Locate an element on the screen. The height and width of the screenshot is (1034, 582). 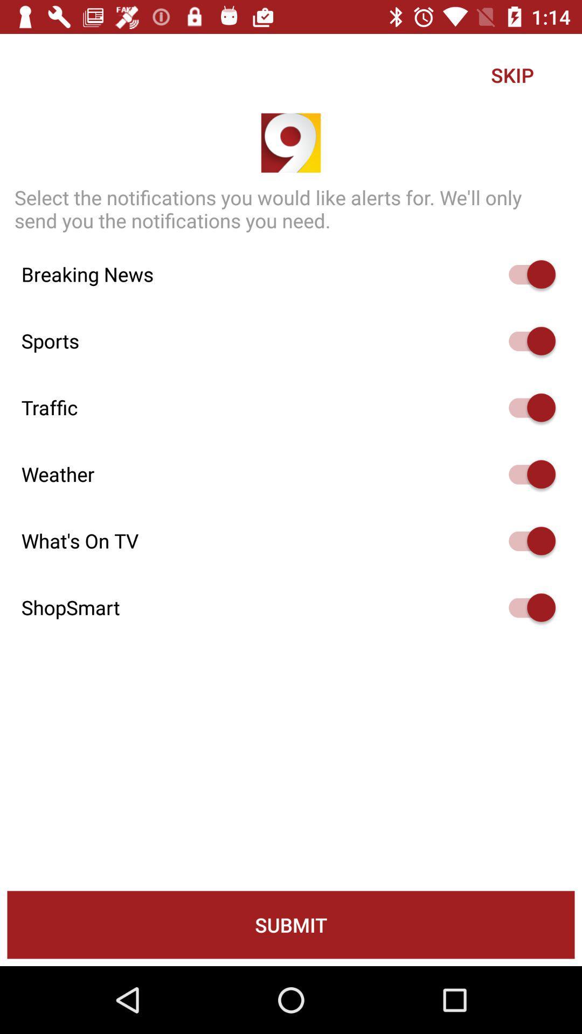
what 's on tv option is located at coordinates (526, 541).